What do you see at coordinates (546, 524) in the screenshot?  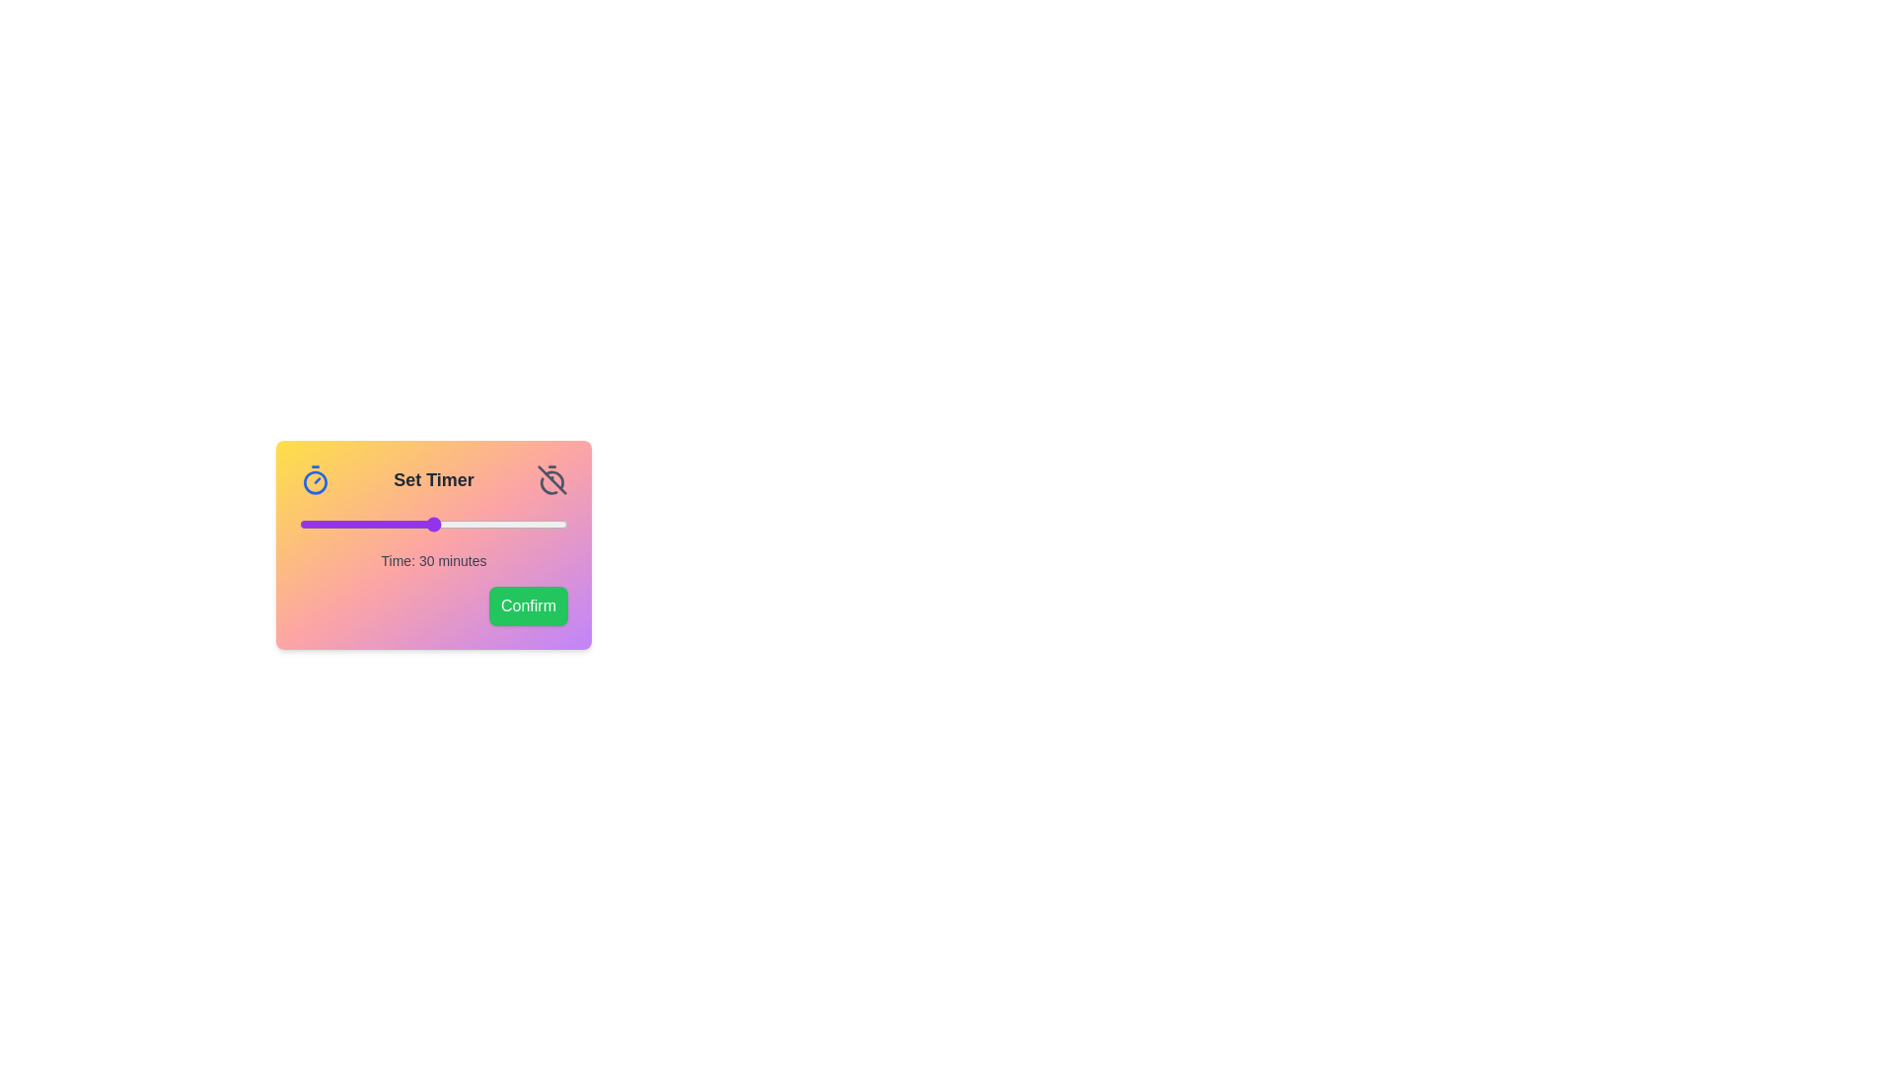 I see `the slider to set the timer to 55 minutes` at bounding box center [546, 524].